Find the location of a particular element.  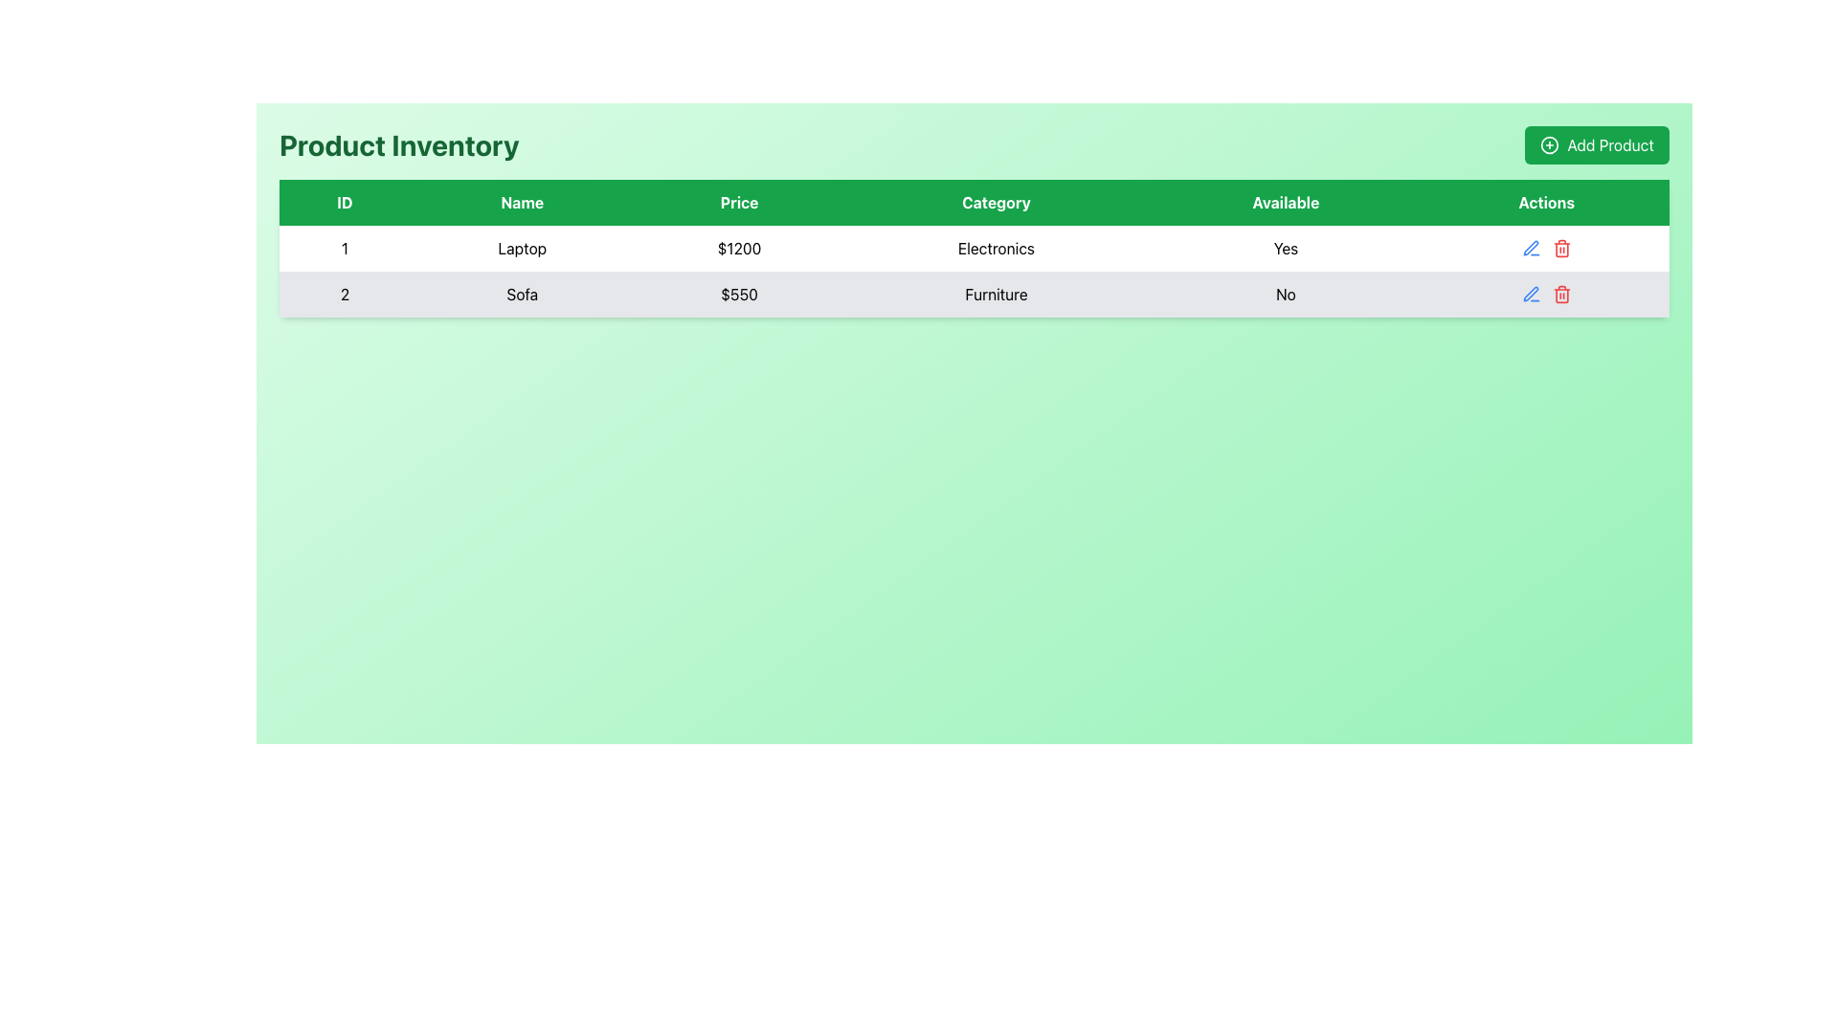

the 'Electronics' text label in the 'Category' column of the table is located at coordinates (996, 247).